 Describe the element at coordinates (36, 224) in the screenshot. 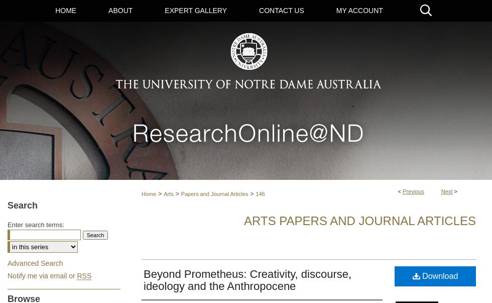

I see `'Enter search terms:'` at that location.